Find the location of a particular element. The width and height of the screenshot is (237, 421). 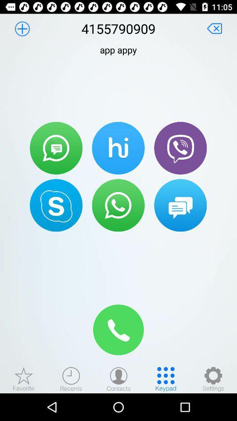

the add icon is located at coordinates (22, 29).